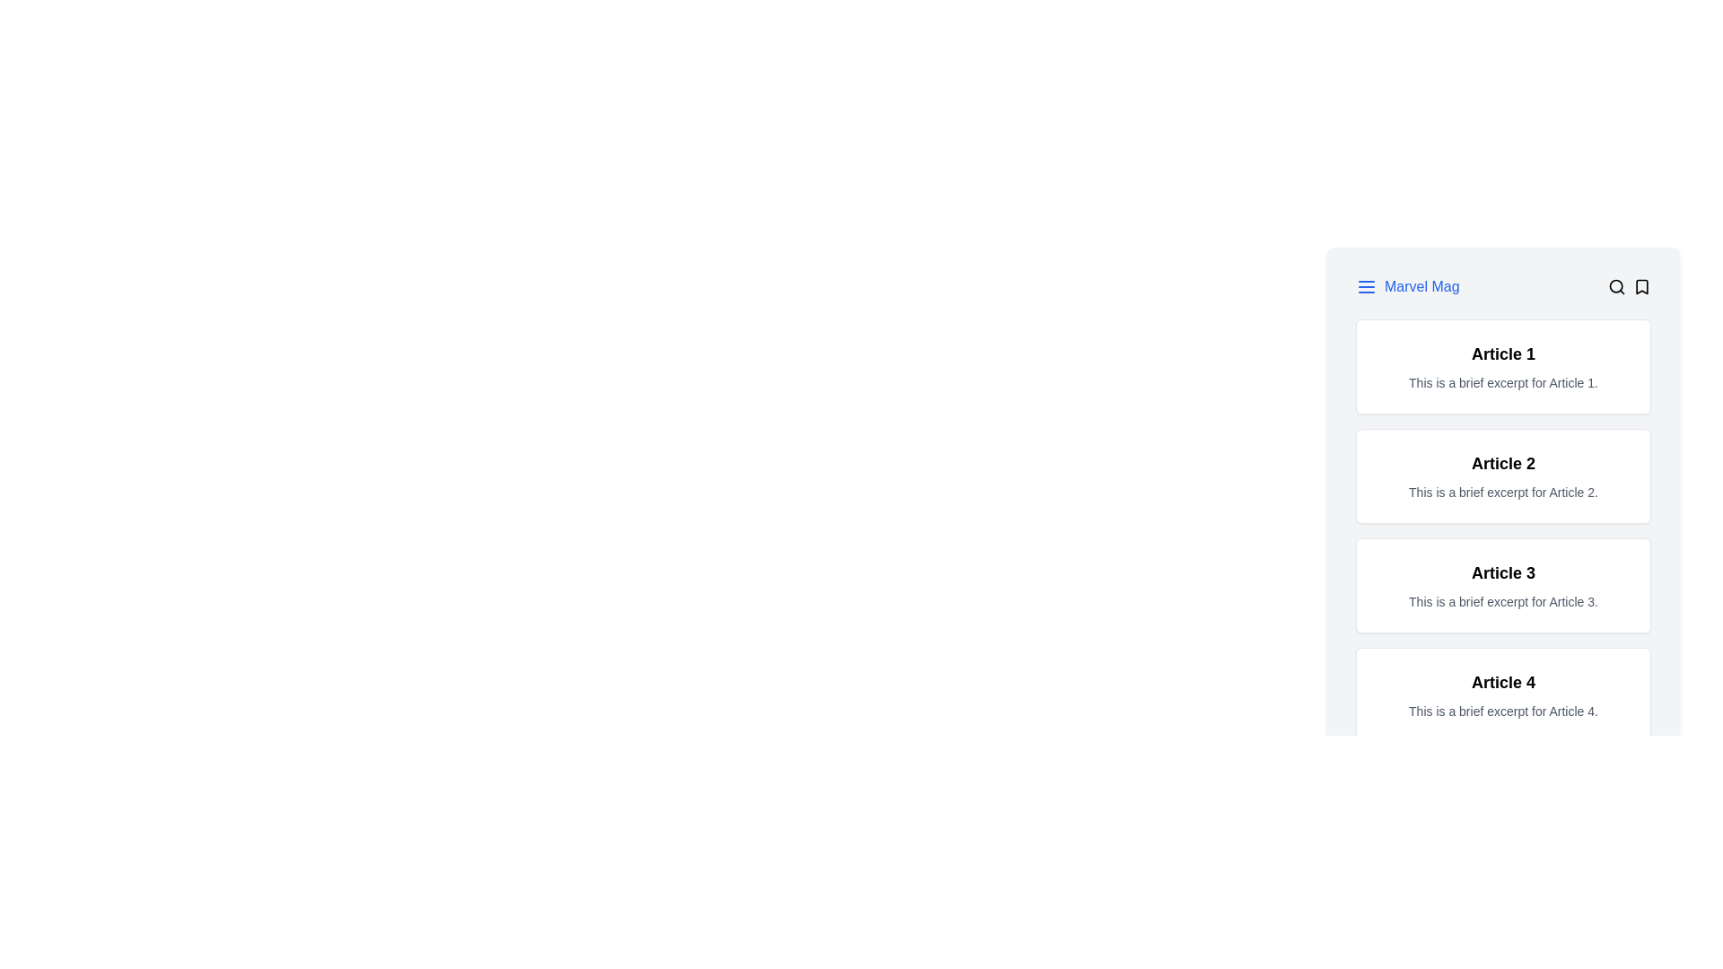  Describe the element at coordinates (1365, 286) in the screenshot. I see `the hamburger menu icon, which is blue and located to the left of the 'Marvel Mag' text` at that location.